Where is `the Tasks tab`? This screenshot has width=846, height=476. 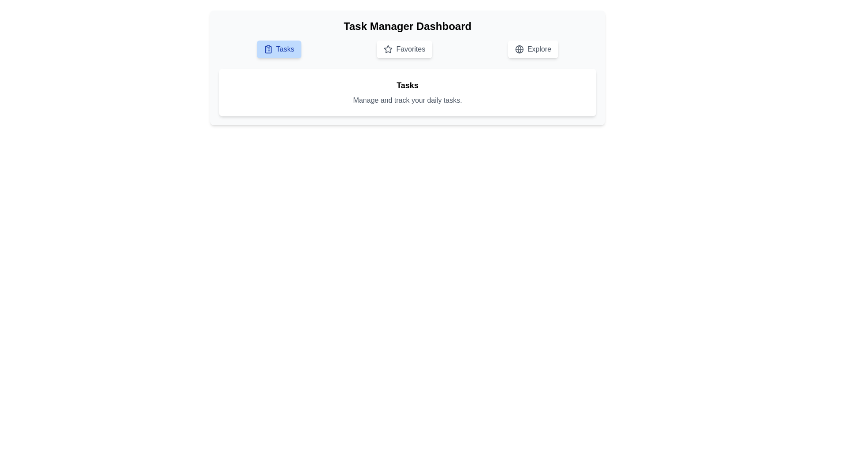 the Tasks tab is located at coordinates (278, 49).